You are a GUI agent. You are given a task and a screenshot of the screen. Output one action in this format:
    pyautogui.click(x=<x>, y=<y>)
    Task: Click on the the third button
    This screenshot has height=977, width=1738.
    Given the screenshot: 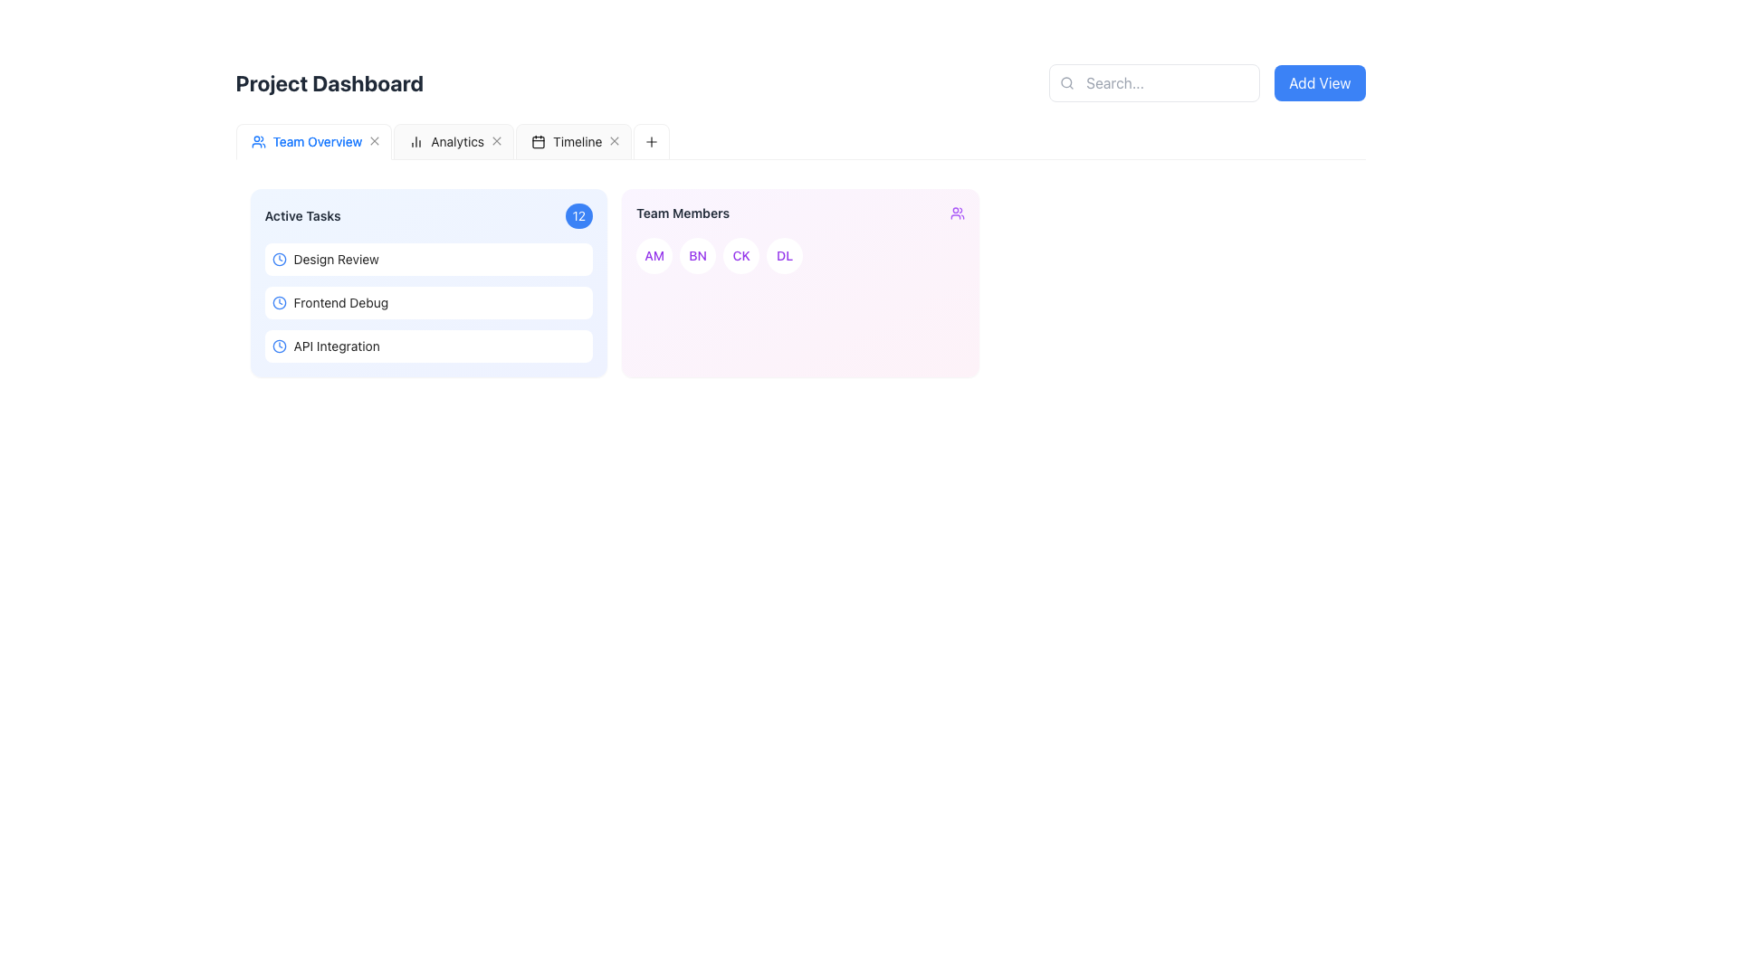 What is the action you would take?
    pyautogui.click(x=741, y=255)
    